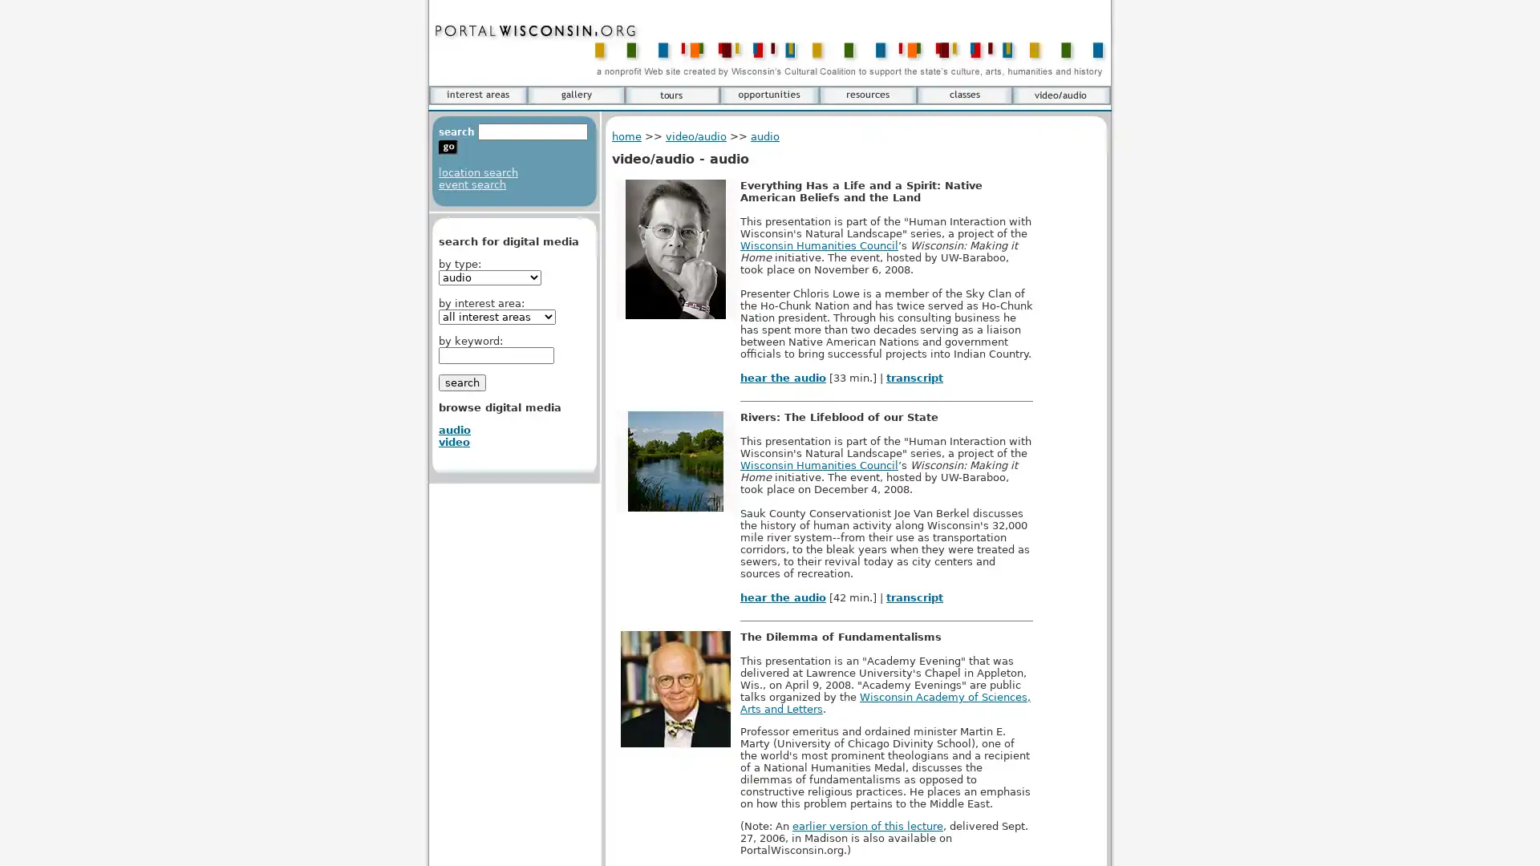 Image resolution: width=1540 pixels, height=866 pixels. Describe the element at coordinates (461, 382) in the screenshot. I see `search` at that location.